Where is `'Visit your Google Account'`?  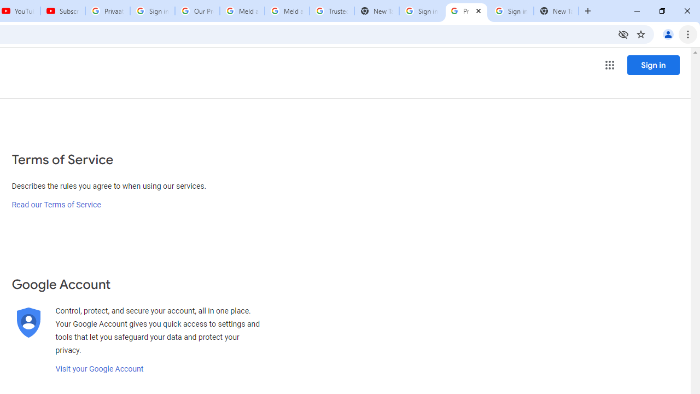 'Visit your Google Account' is located at coordinates (99, 369).